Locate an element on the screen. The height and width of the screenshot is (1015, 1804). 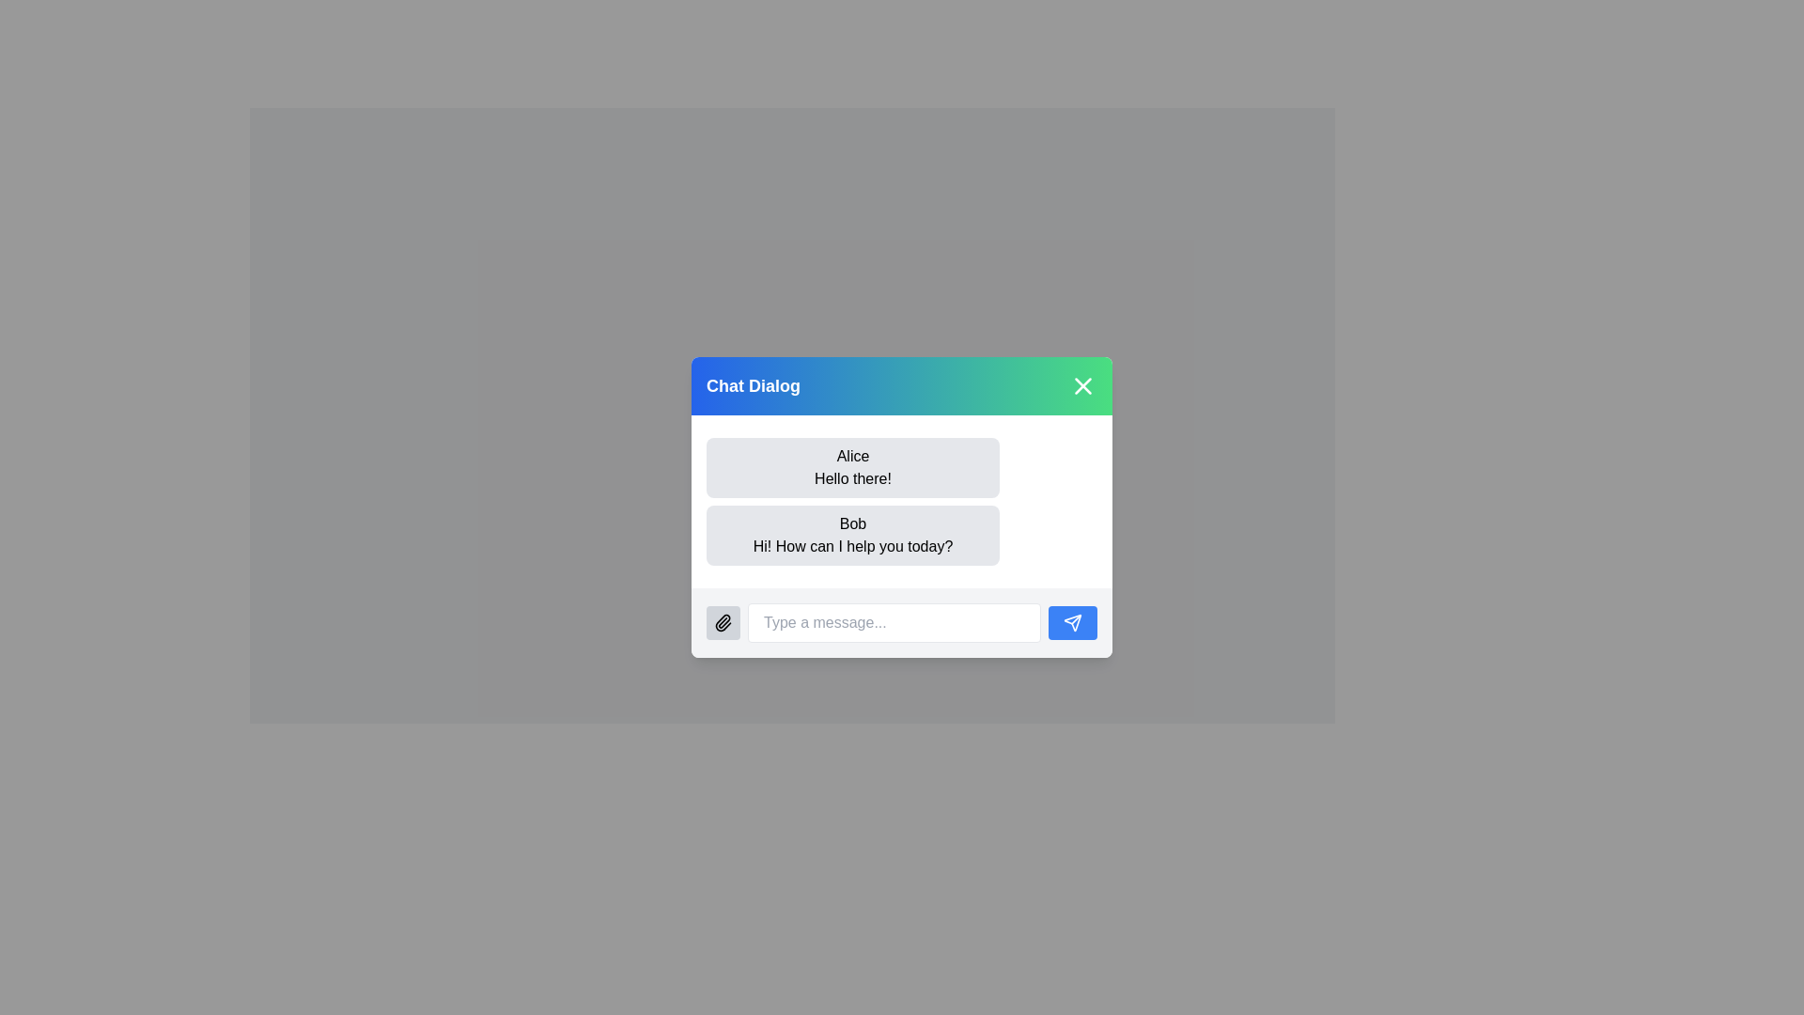
the blue button with a paper plane icon located at the bottom-right of the dialog box is located at coordinates (1073, 623).